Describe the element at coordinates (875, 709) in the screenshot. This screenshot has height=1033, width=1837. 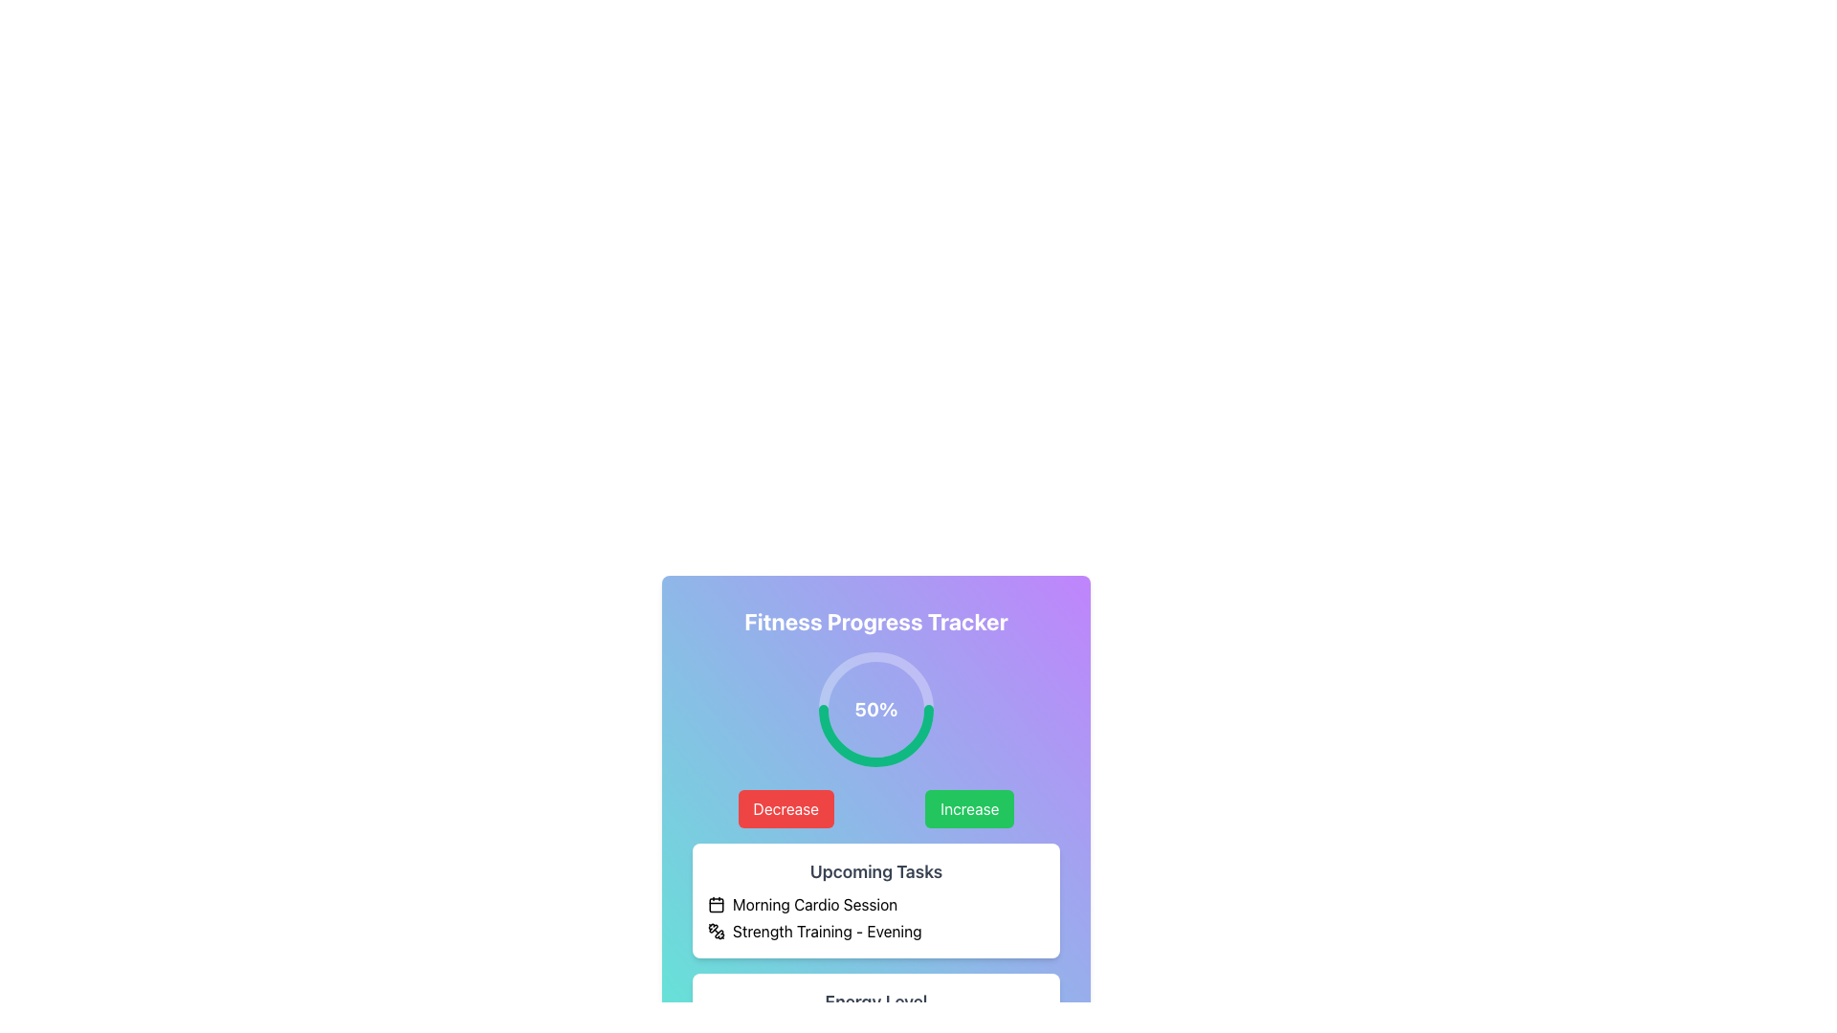
I see `the Progress Indicator (Circular Gauge) that visually represents fitness completion percentage, located at the center of the 'Fitness Progress Tracker' card component` at that location.